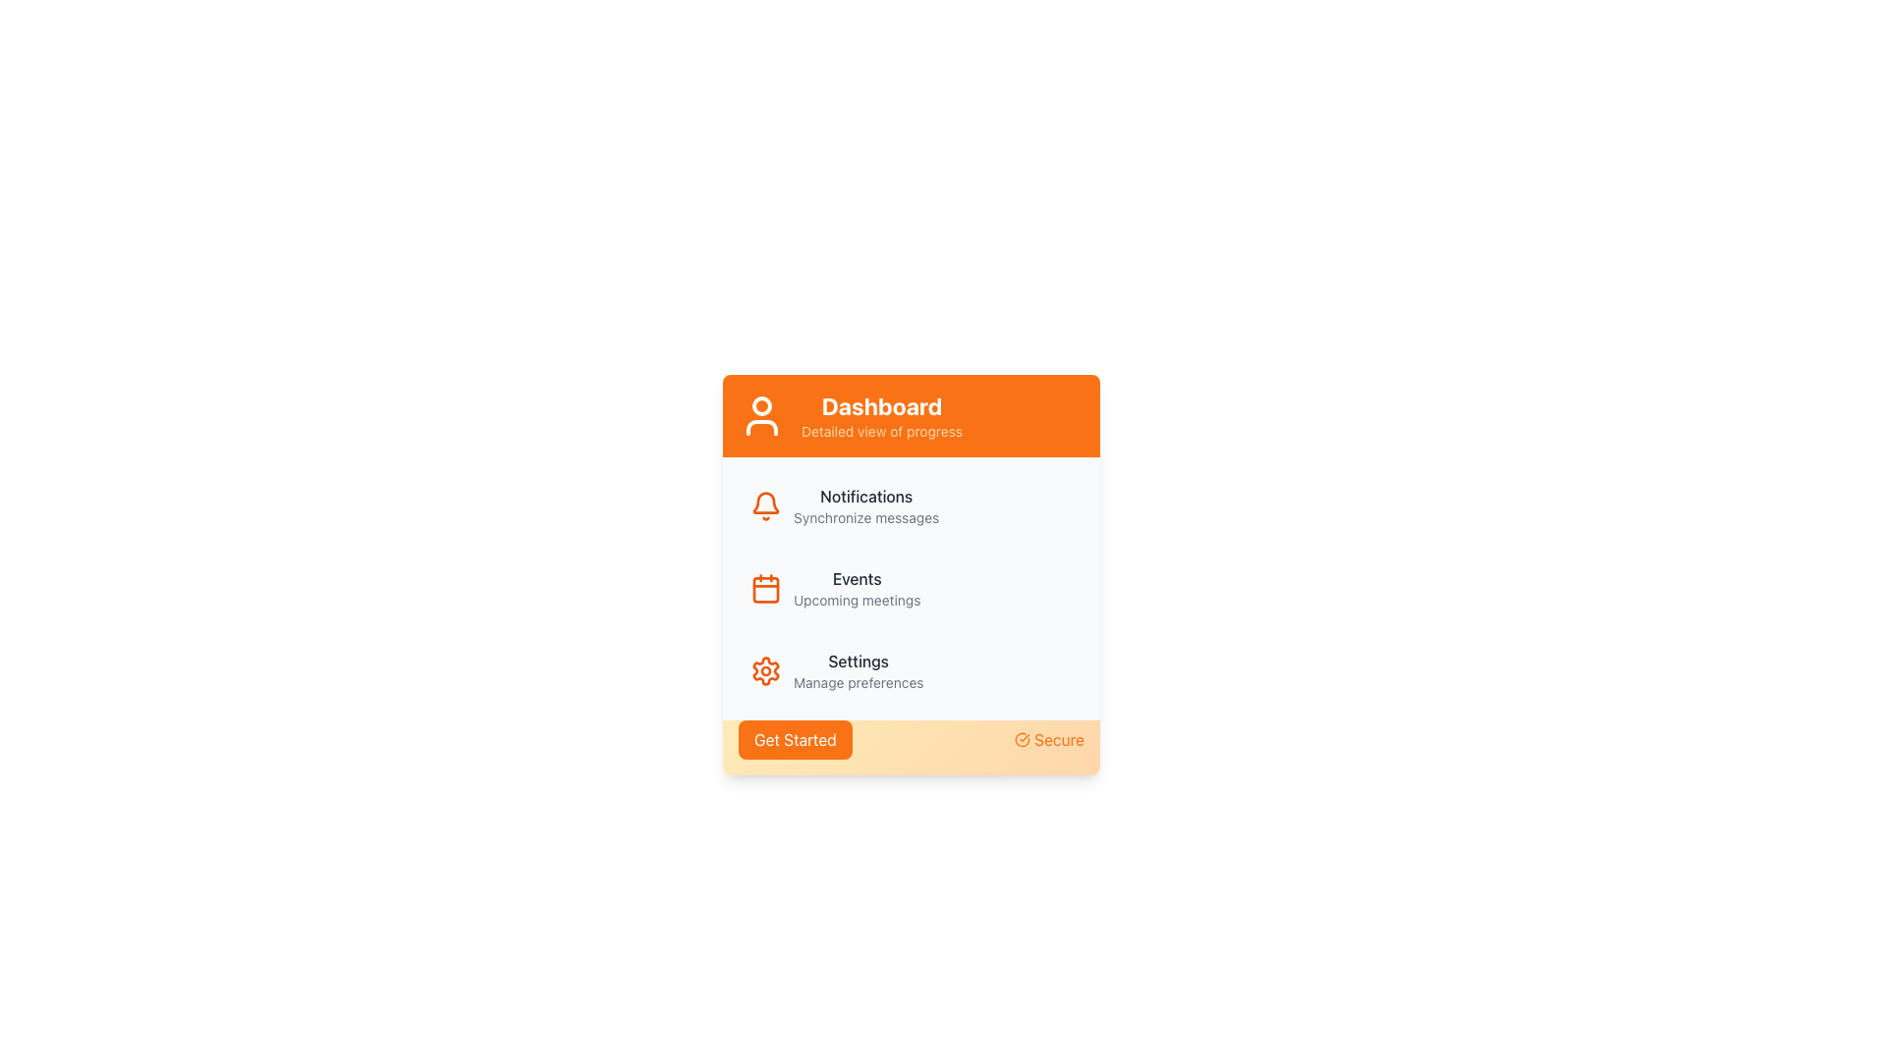  Describe the element at coordinates (910, 415) in the screenshot. I see `title and subtitle from the header area located at the top of the panel, which is centrally aligned and situated below the orange bar containing a user icon` at that location.